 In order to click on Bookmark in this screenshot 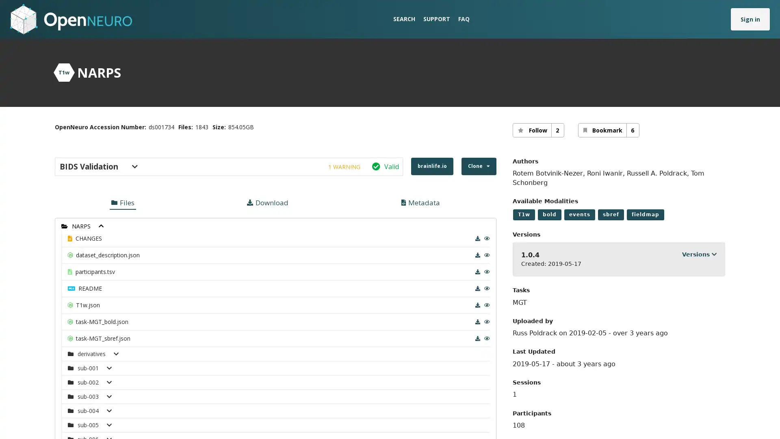, I will do `click(608, 130)`.